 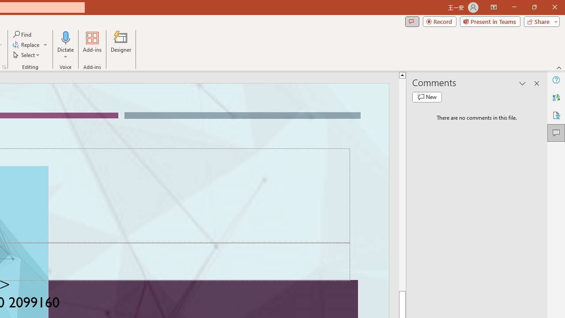 I want to click on 'More Options', so click(x=65, y=53).